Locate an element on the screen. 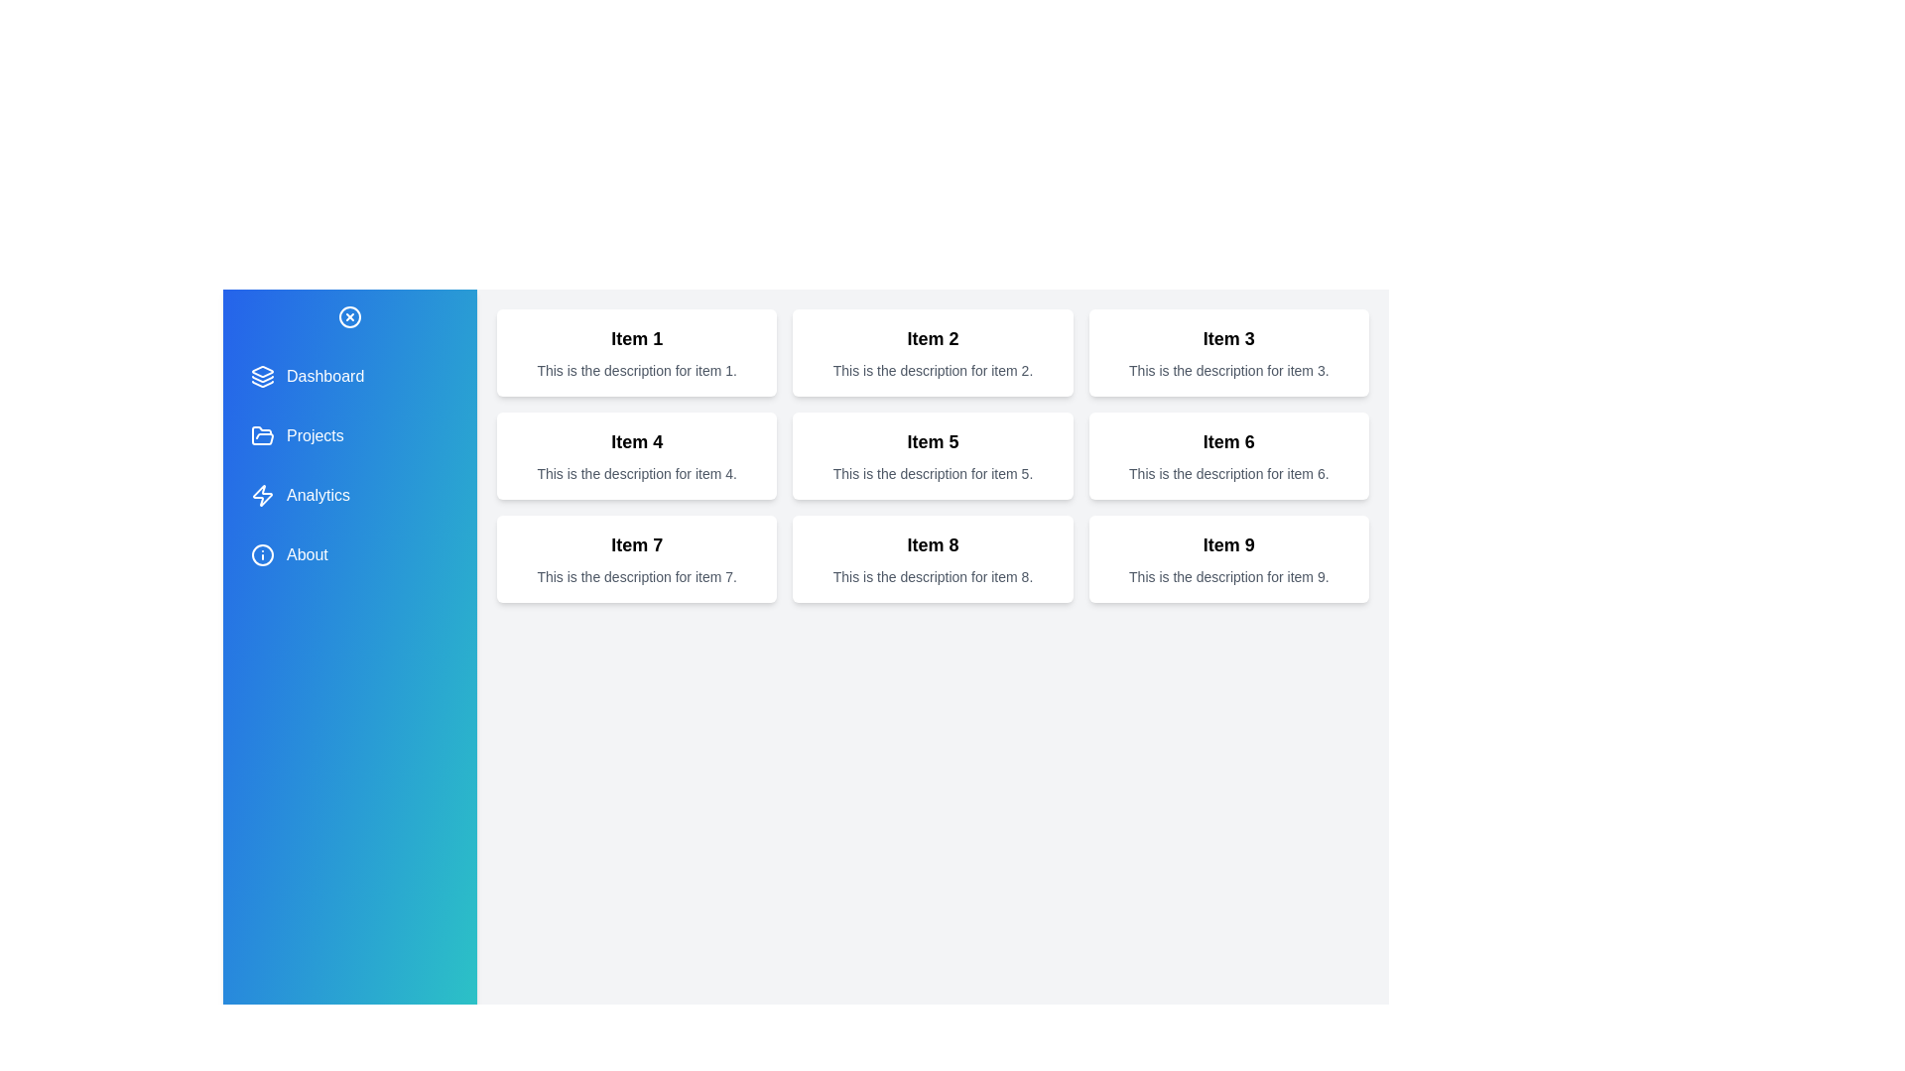 The width and height of the screenshot is (1905, 1071). the menu item Projects from the drawer is located at coordinates (350, 434).